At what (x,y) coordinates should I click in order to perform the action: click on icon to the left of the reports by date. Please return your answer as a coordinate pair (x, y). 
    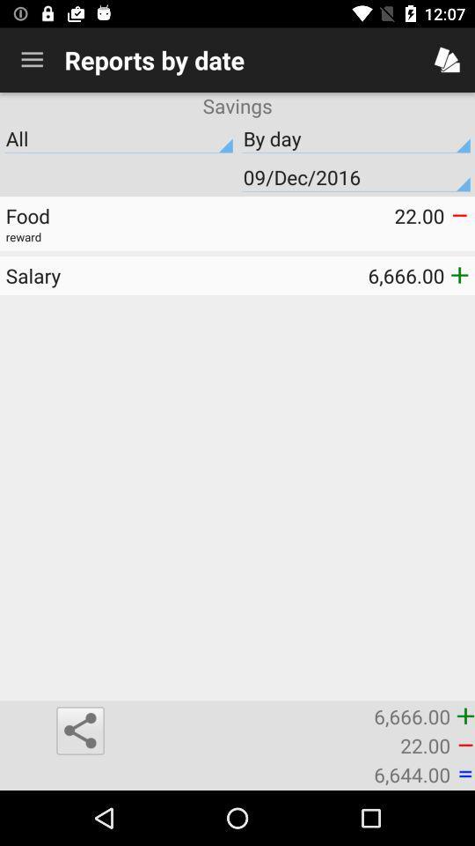
    Looking at the image, I should click on (32, 60).